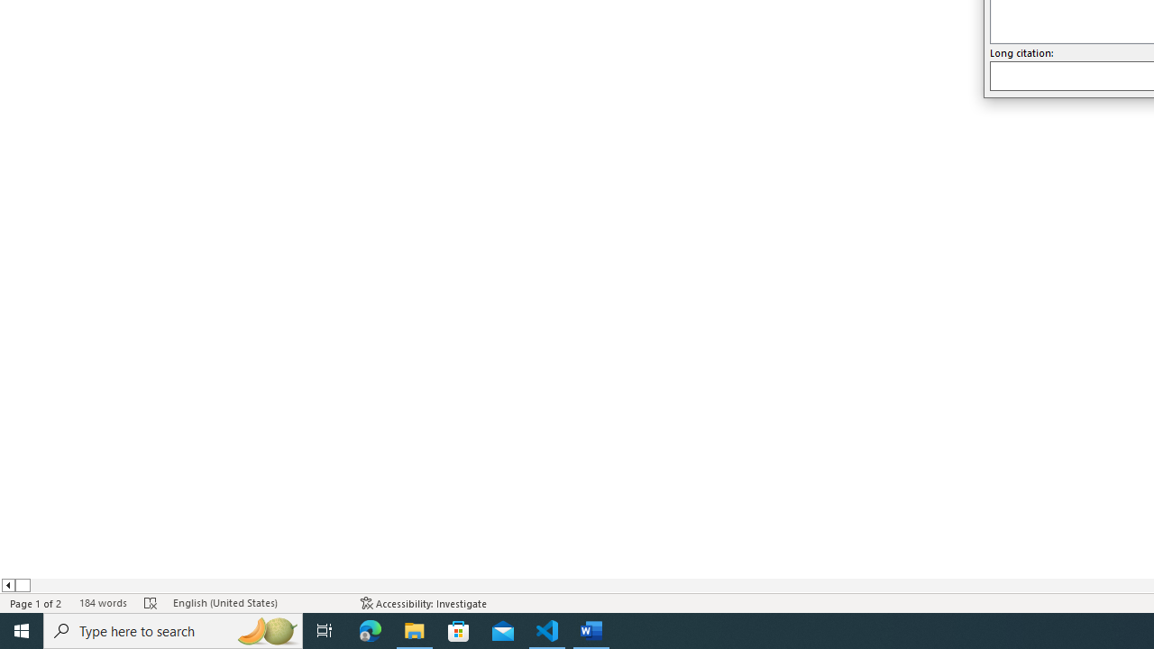 This screenshot has width=1154, height=649. I want to click on 'Word Count 184 words', so click(101, 603).